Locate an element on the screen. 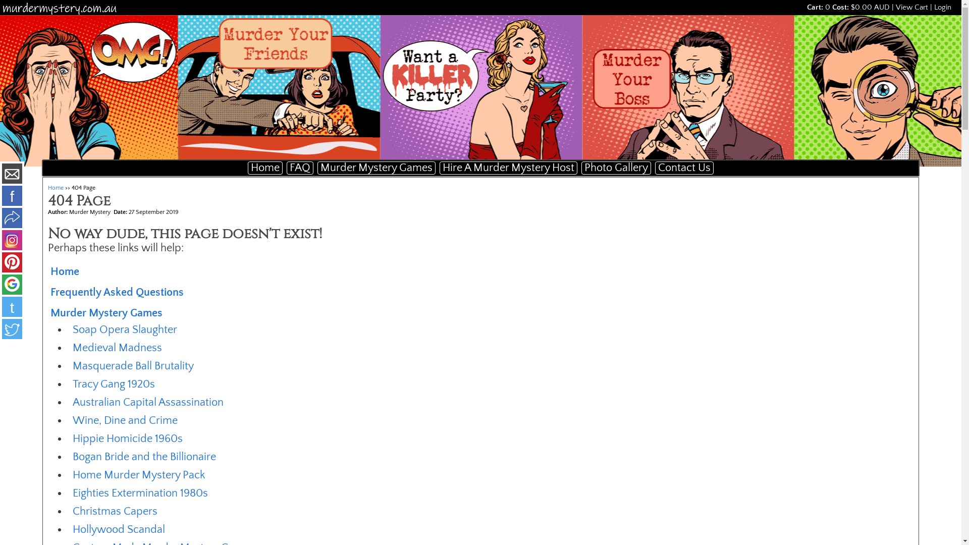  'Bogan Bride and the Billionaire' is located at coordinates (144, 457).